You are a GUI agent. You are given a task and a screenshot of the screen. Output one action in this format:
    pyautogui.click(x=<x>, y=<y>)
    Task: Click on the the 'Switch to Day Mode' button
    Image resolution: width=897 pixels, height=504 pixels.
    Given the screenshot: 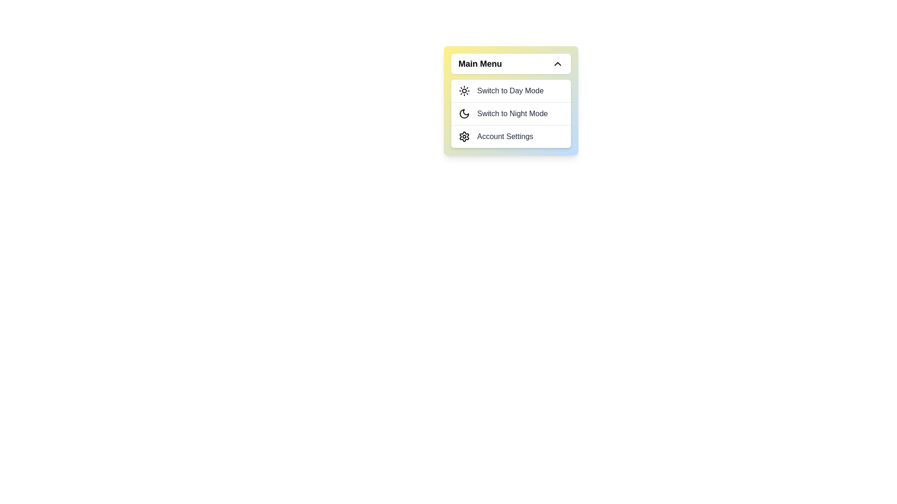 What is the action you would take?
    pyautogui.click(x=510, y=91)
    